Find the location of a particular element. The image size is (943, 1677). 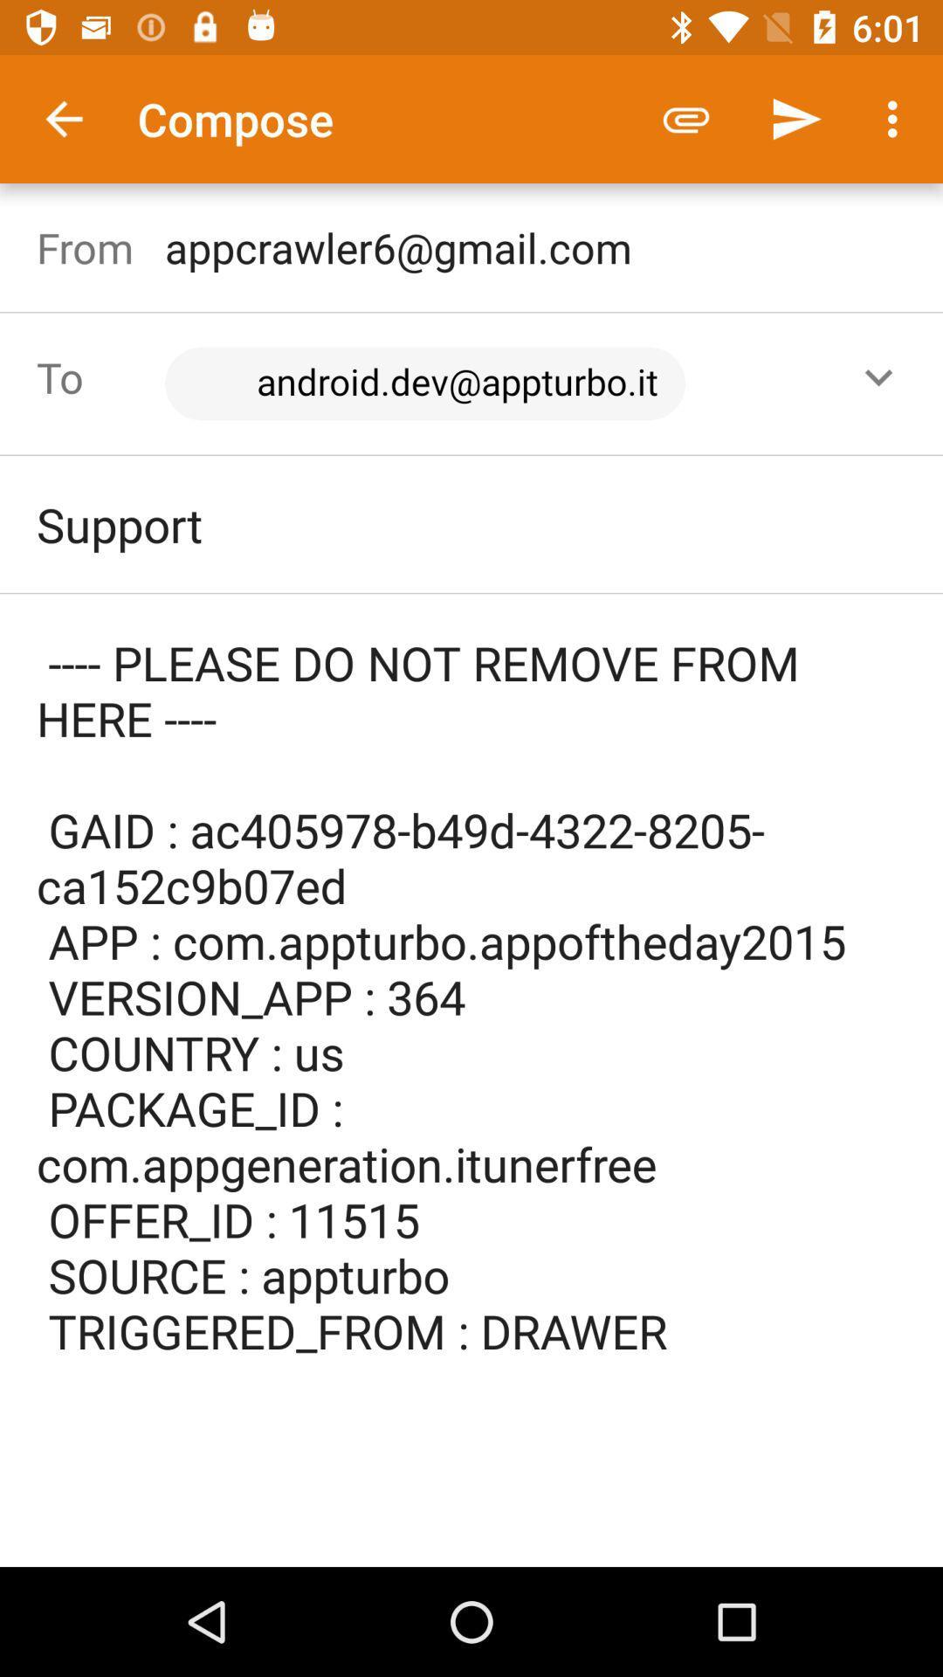

support item is located at coordinates (471, 523).